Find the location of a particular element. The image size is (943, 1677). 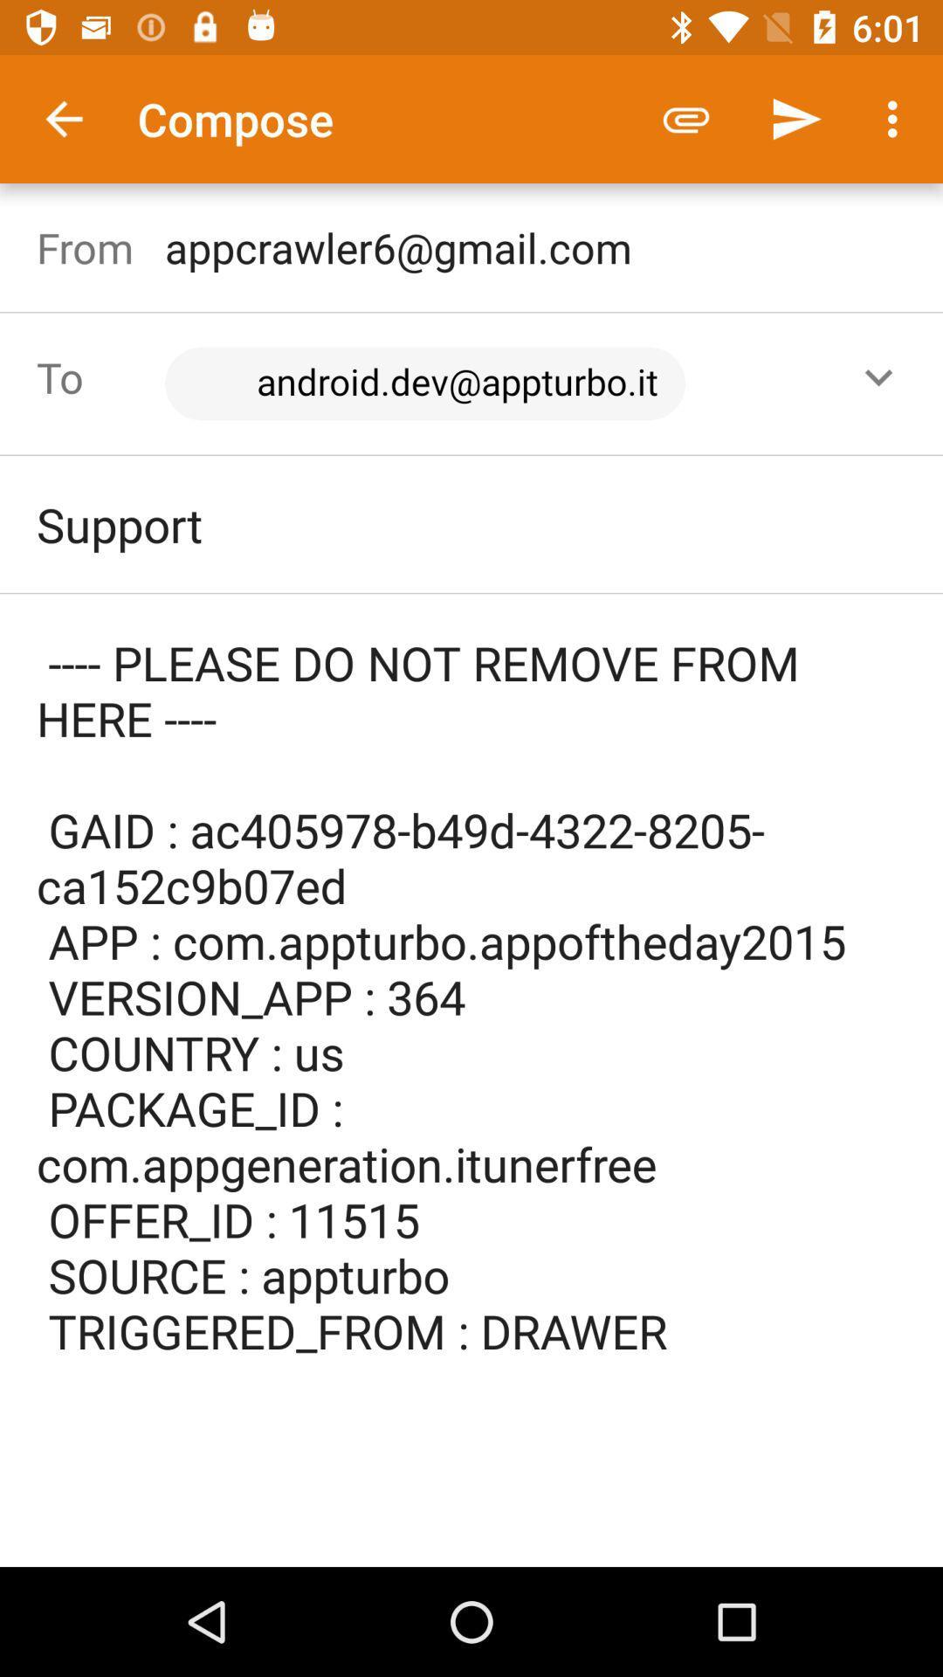

support item is located at coordinates (471, 523).